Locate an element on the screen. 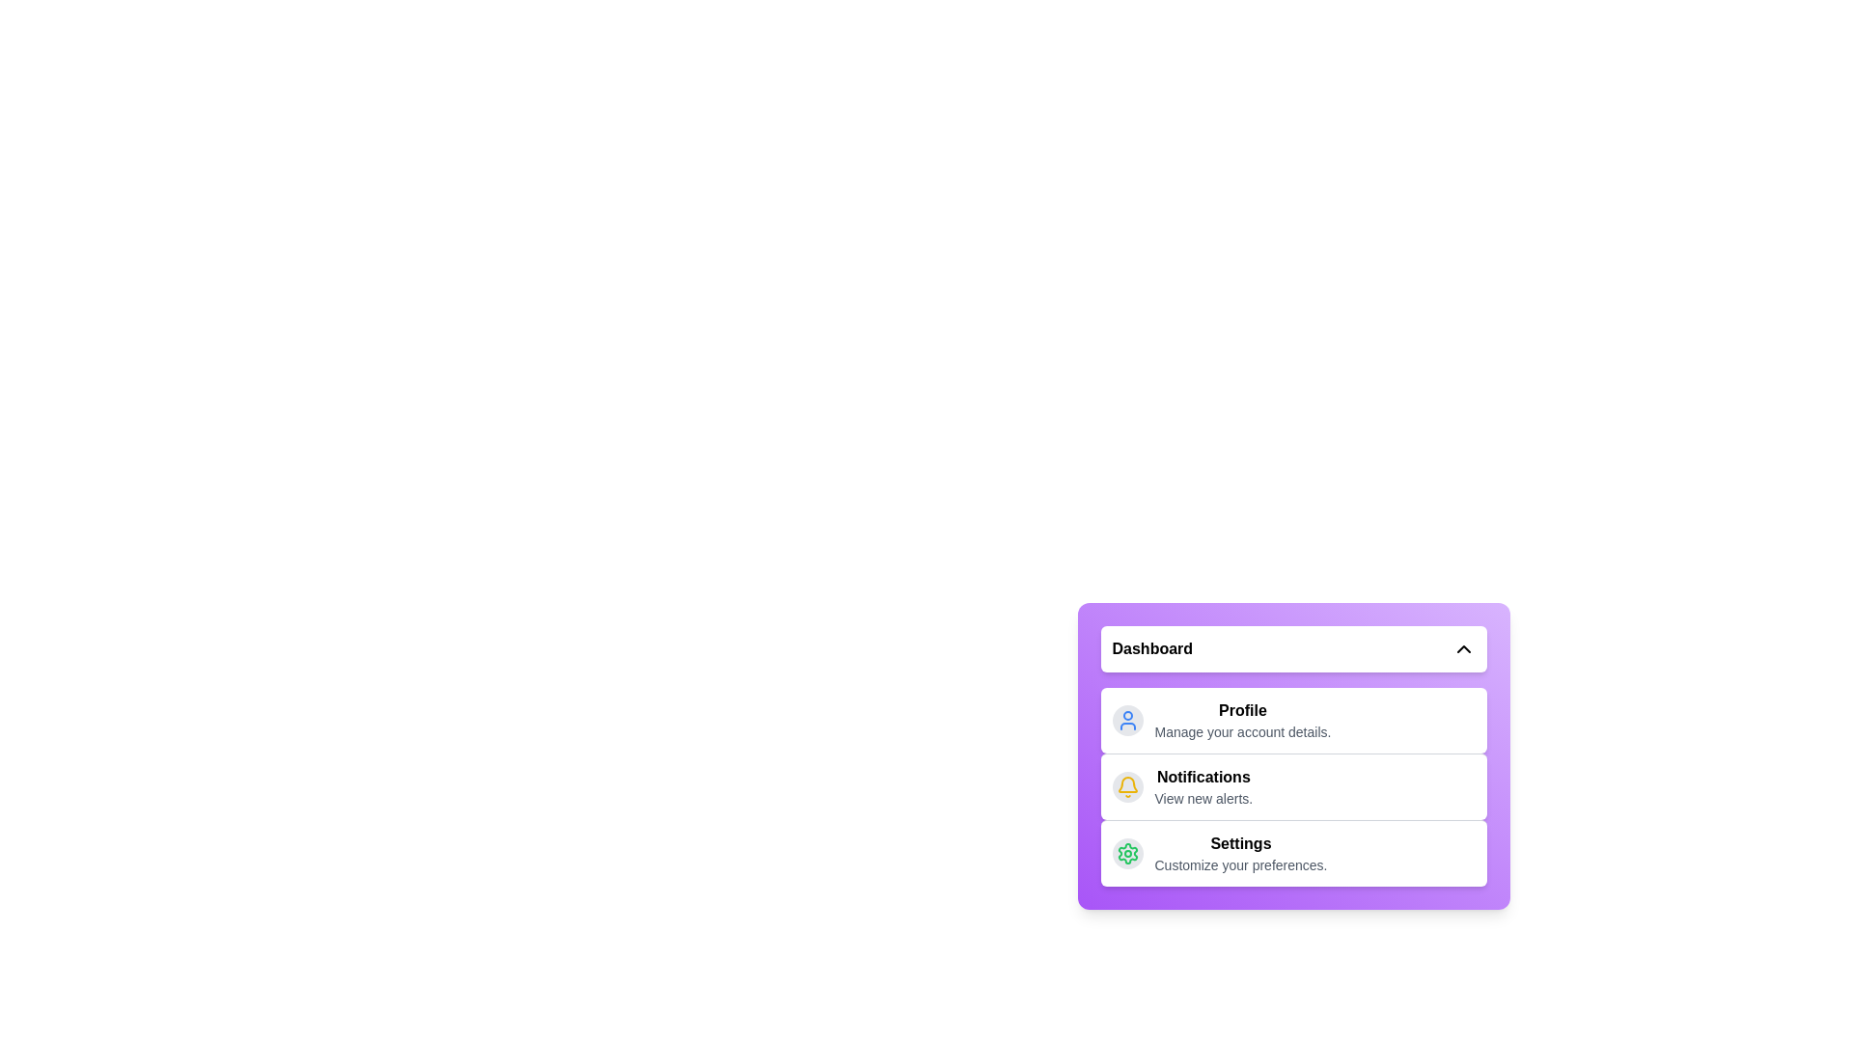 This screenshot has width=1853, height=1042. the menu item Notifications to view its hover effect is located at coordinates (1293, 786).